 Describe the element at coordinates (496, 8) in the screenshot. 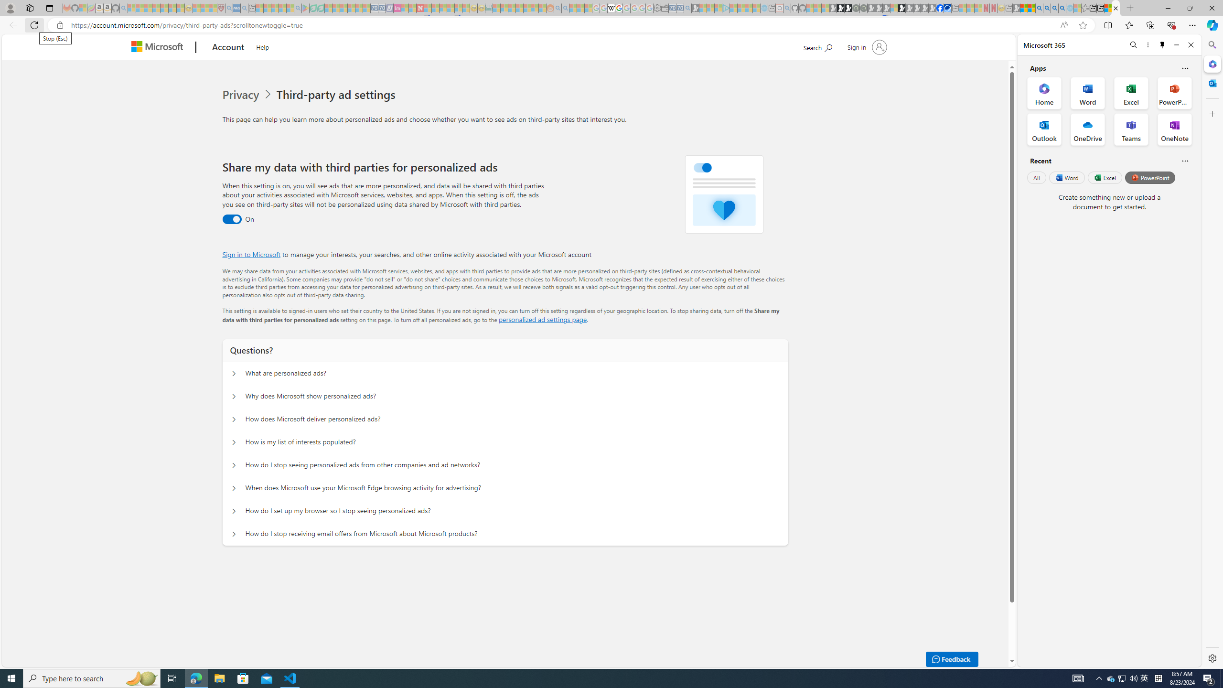

I see `'MSNBC - MSN - Sleeping'` at that location.